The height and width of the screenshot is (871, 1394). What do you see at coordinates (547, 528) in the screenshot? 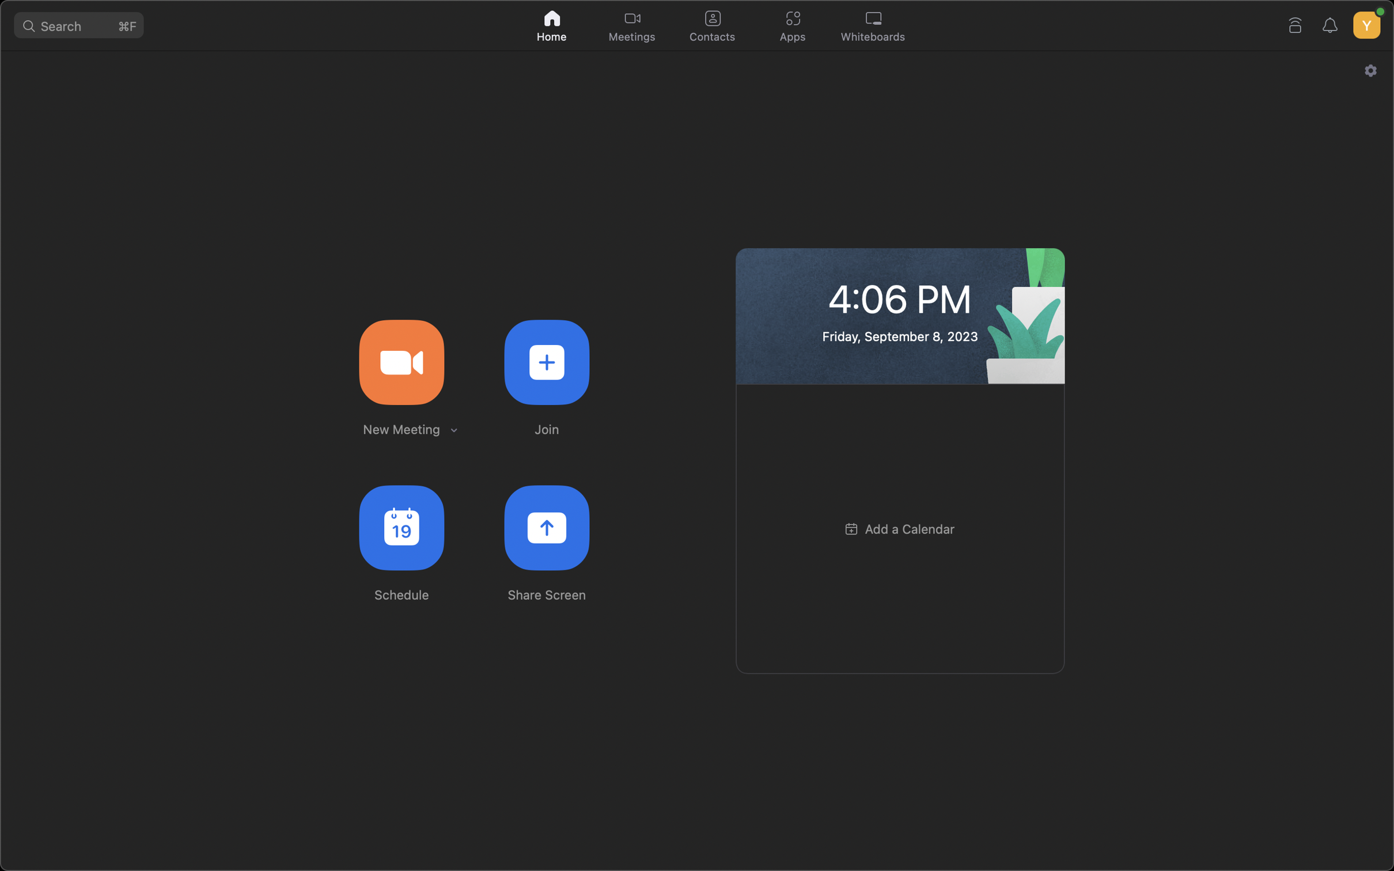
I see `Enable screen sharing for all viewers in the current conference` at bounding box center [547, 528].